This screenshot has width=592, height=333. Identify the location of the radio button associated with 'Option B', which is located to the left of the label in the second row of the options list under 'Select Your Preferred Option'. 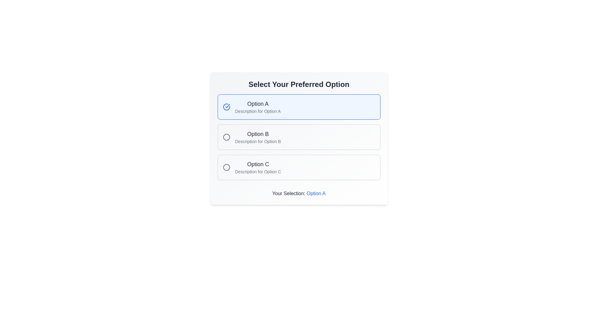
(258, 134).